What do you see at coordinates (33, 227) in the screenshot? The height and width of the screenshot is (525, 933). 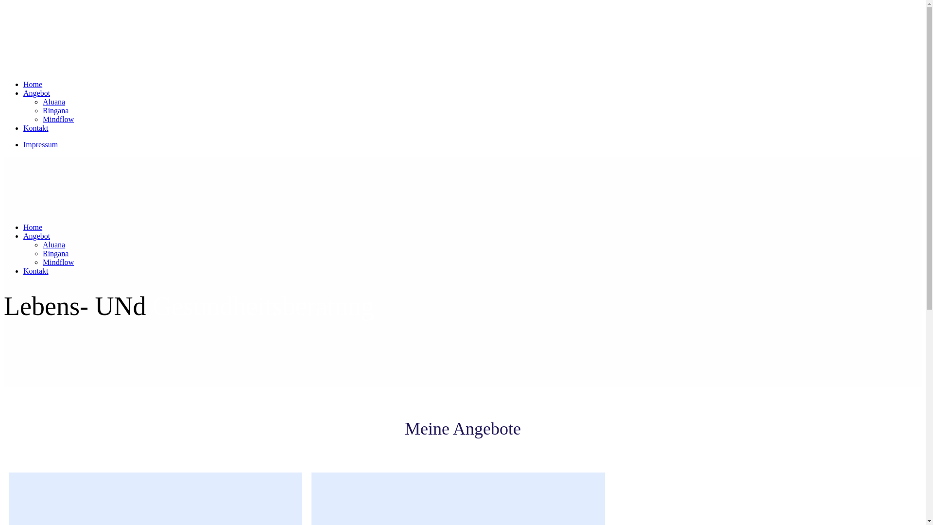 I see `'Home'` at bounding box center [33, 227].